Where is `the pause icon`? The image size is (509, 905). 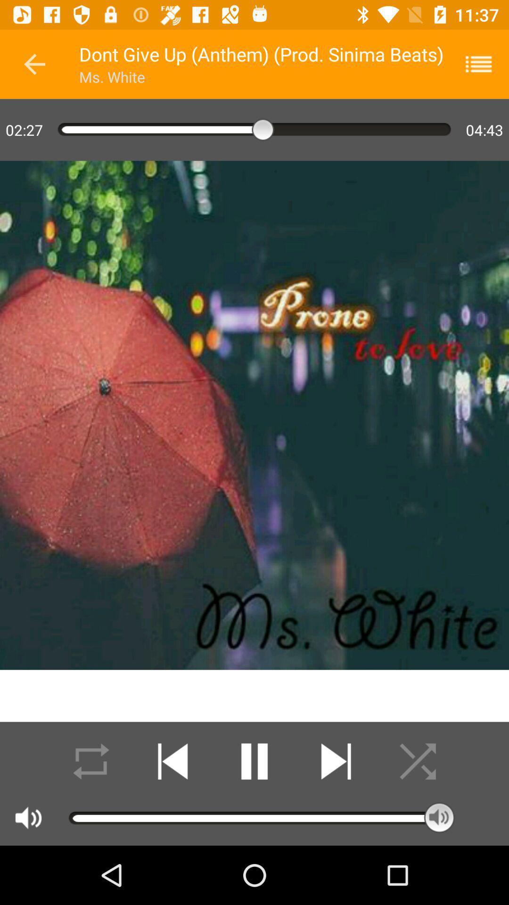 the pause icon is located at coordinates (254, 761).